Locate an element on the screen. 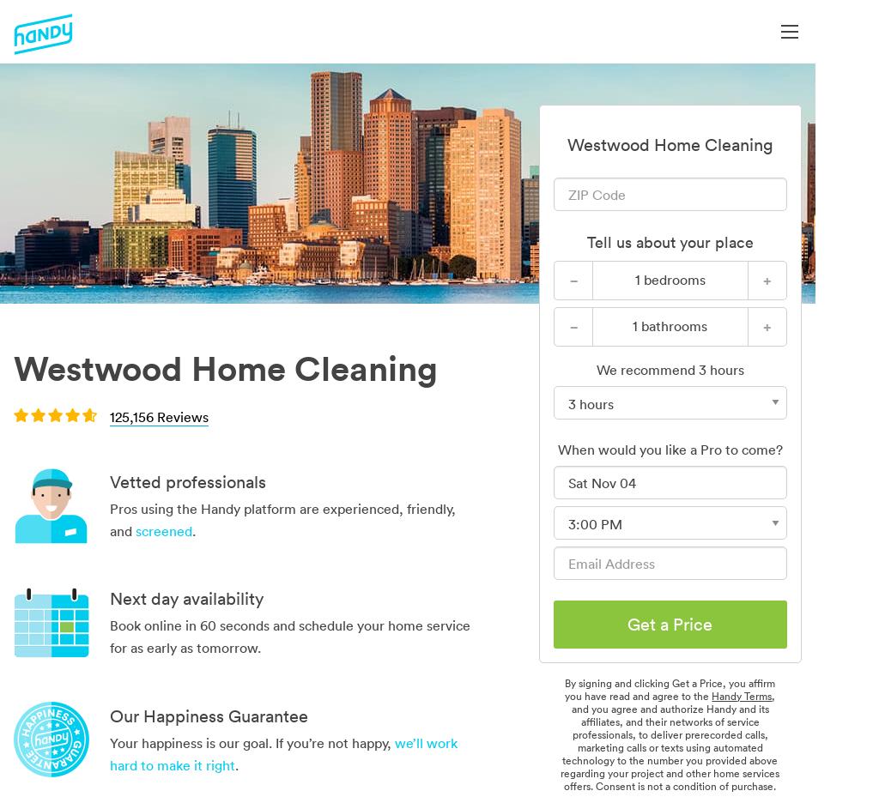 Image resolution: width=879 pixels, height=803 pixels. 'When would you like a Pro to come?' is located at coordinates (556, 449).